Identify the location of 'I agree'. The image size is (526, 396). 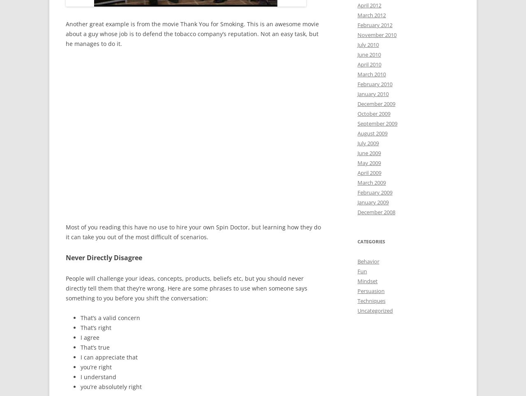
(90, 337).